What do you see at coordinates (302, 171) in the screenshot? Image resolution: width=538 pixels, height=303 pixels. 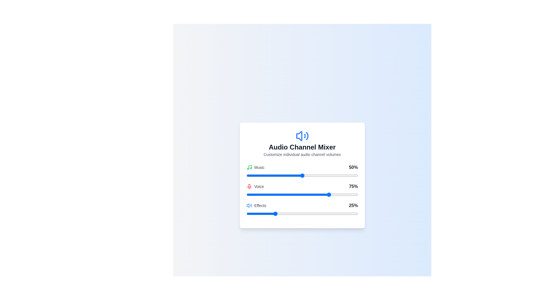 I see `the 'Music' slider, which features a blue track, a draggable circle knob, and displays a value of '50%' on the right, to set a value` at bounding box center [302, 171].